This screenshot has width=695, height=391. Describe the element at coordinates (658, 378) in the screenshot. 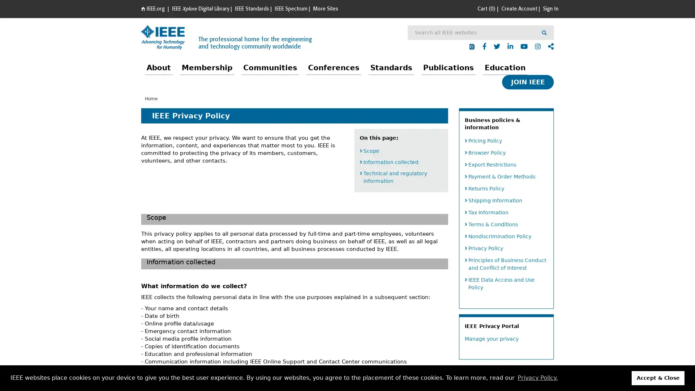

I see `dismiss cookie message` at that location.